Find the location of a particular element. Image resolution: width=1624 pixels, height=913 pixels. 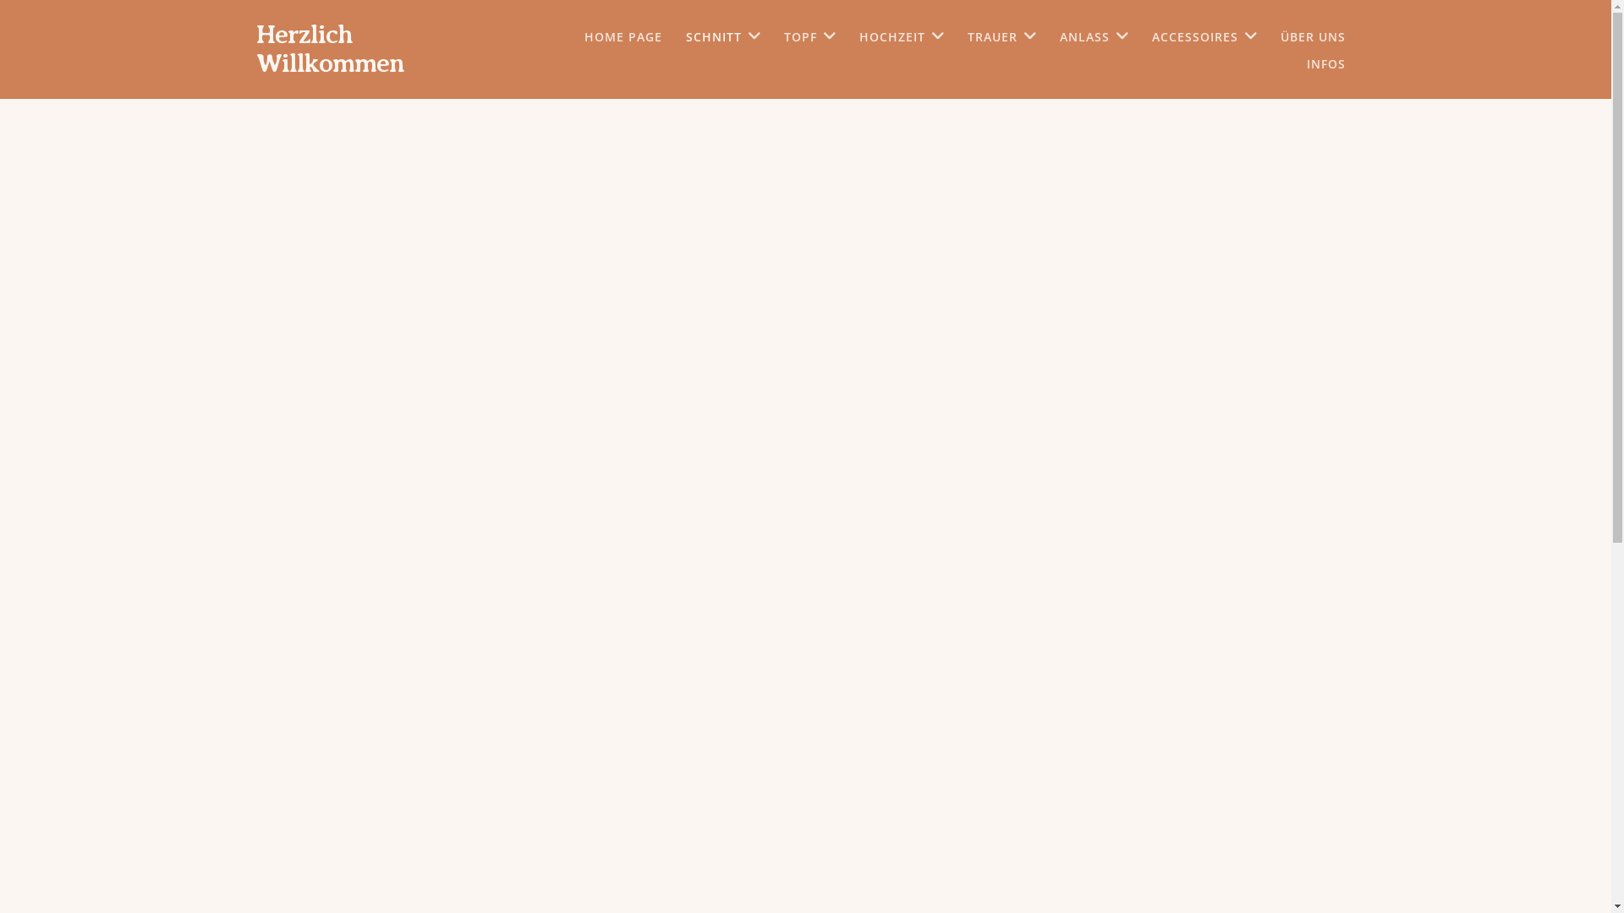

'INFOS' is located at coordinates (1324, 63).